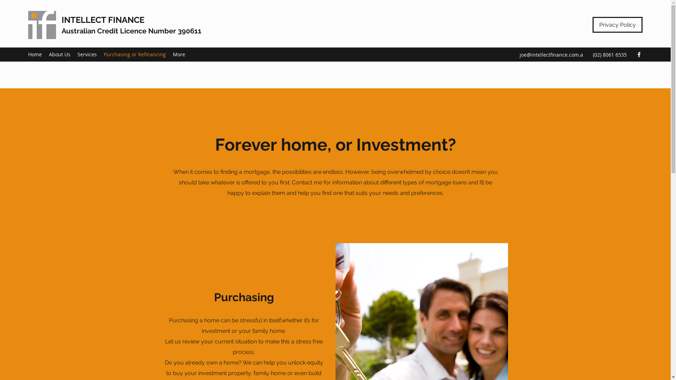  I want to click on 'Services', so click(87, 54).